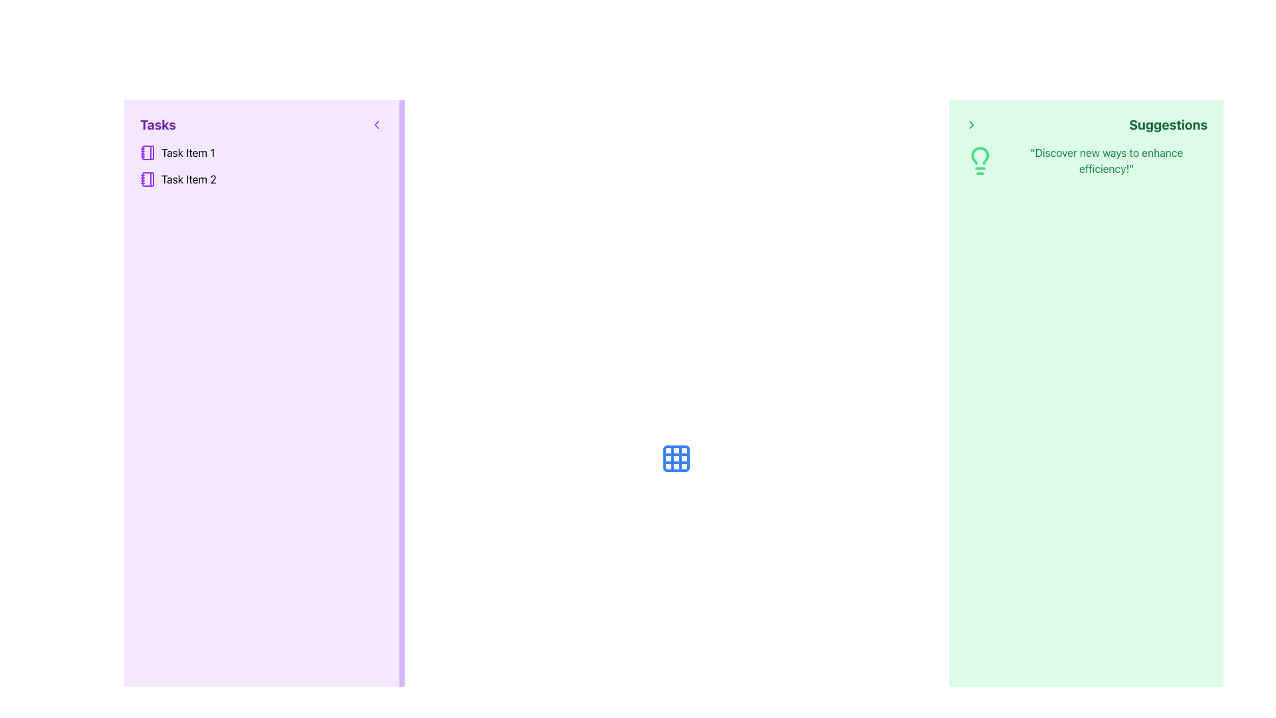  I want to click on the list item element displaying 'Task Item 1', so click(261, 152).